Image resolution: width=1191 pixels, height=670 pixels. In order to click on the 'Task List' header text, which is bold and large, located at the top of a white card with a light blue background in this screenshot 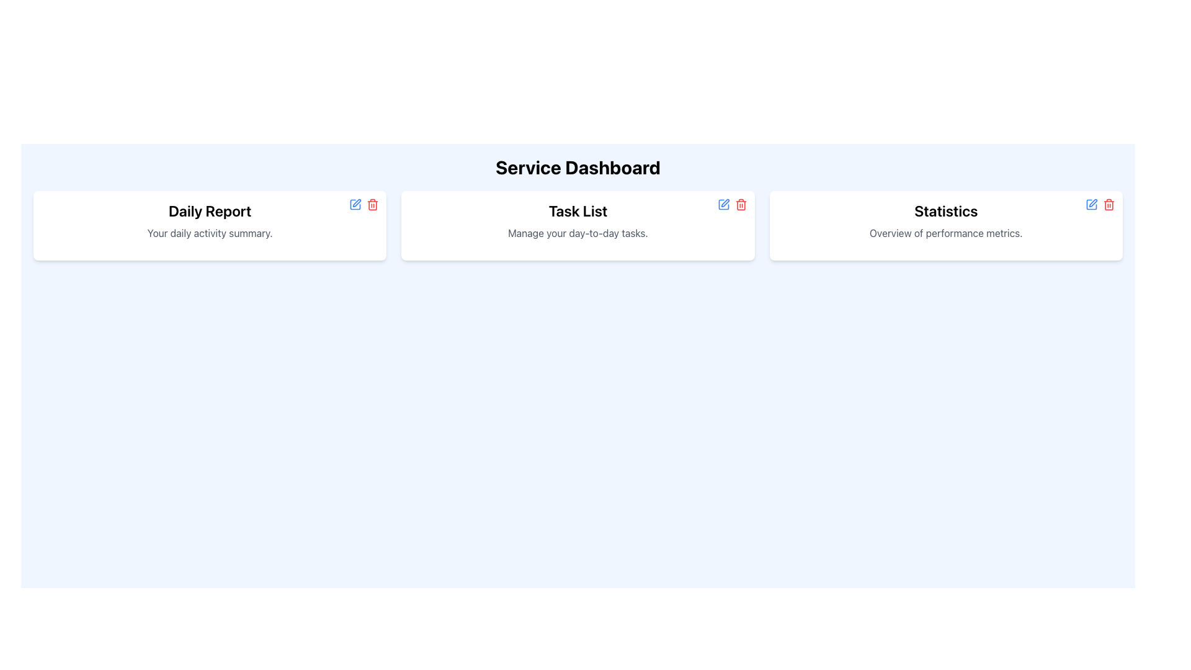, I will do `click(577, 210)`.